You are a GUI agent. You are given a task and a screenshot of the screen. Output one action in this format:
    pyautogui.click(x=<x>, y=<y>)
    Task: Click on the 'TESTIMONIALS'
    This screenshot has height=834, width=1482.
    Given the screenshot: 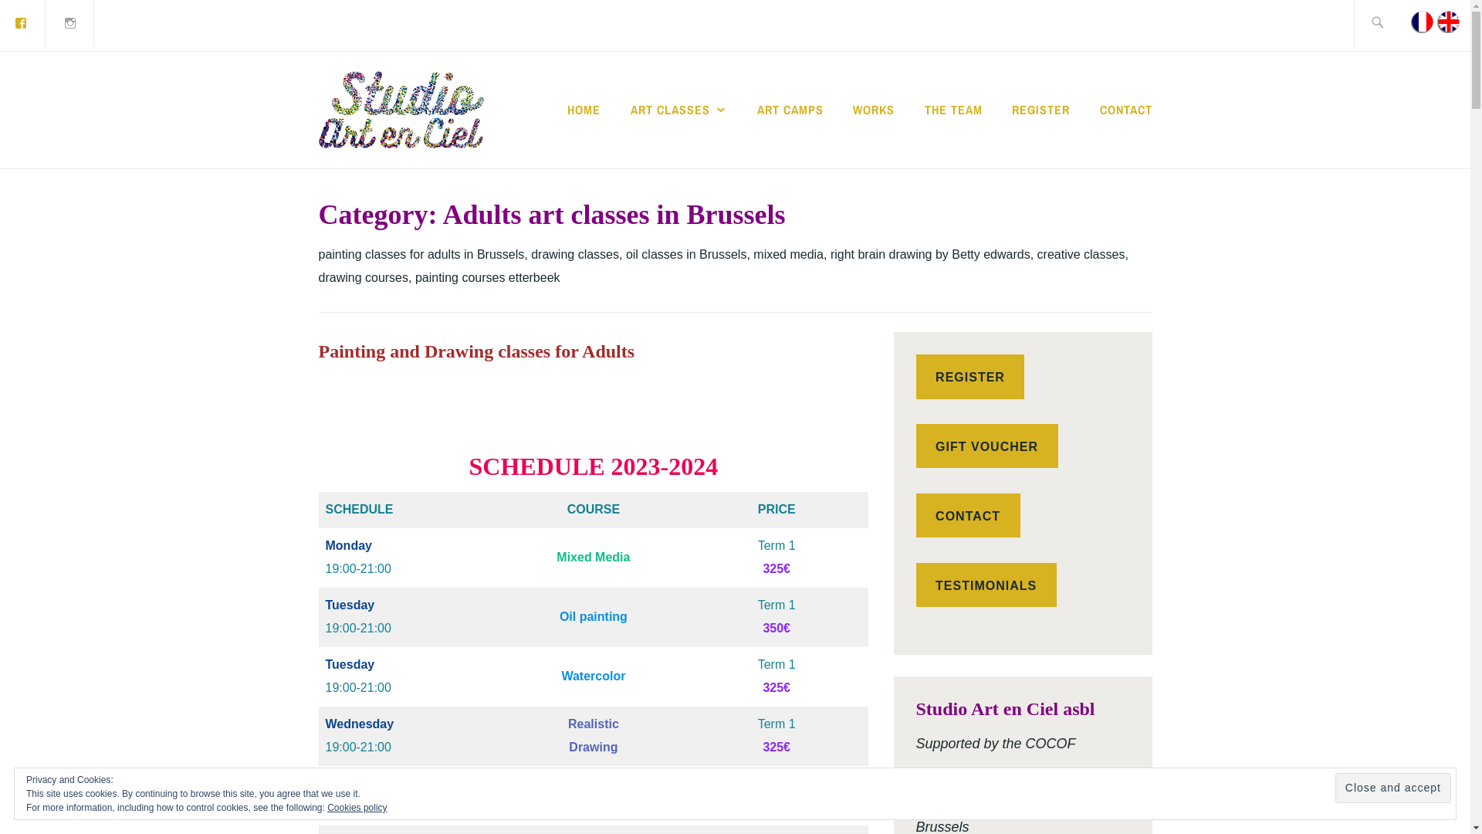 What is the action you would take?
    pyautogui.click(x=915, y=585)
    